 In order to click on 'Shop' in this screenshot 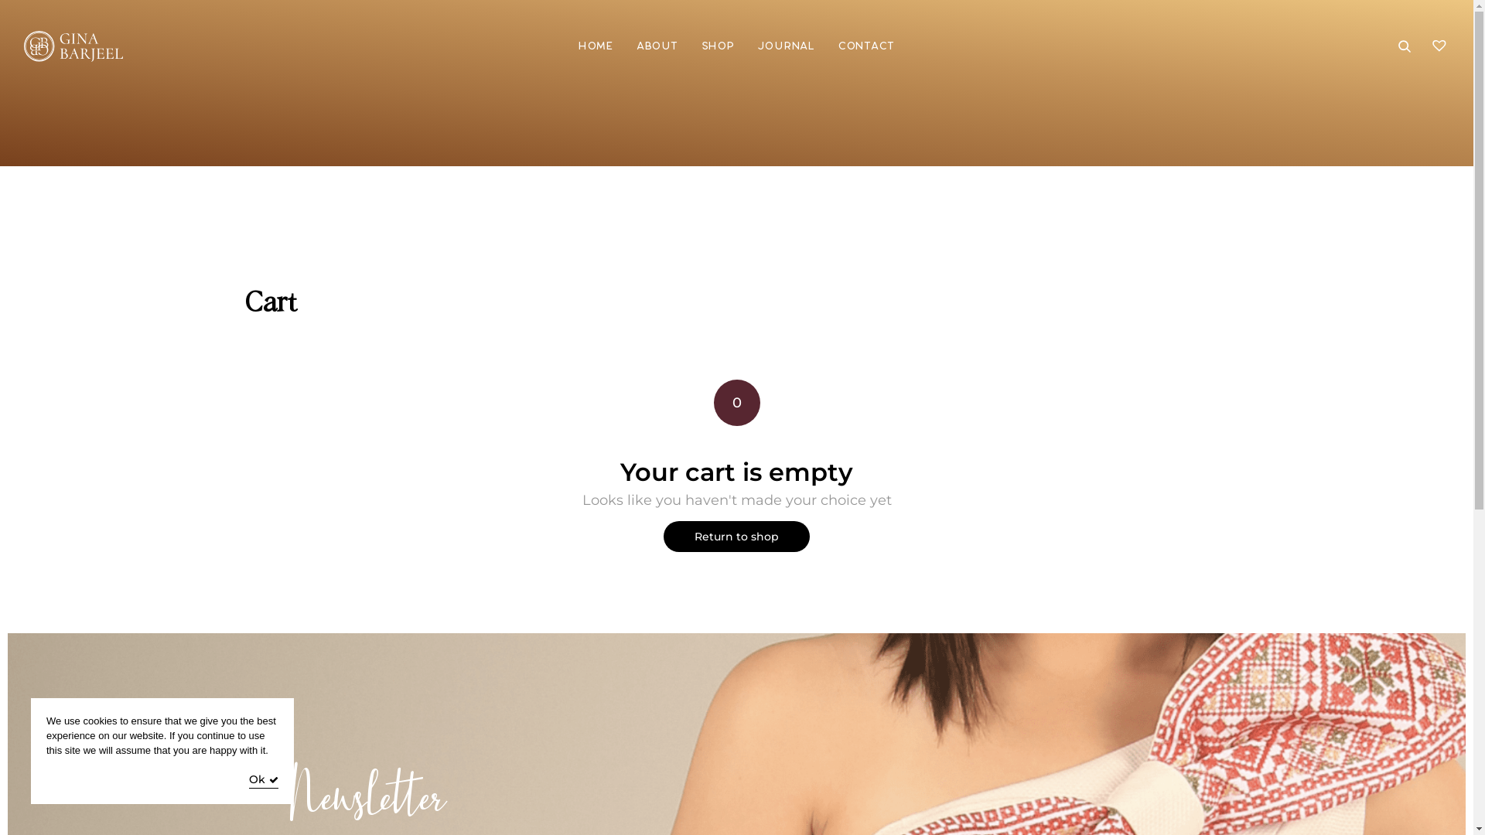, I will do `click(717, 46)`.